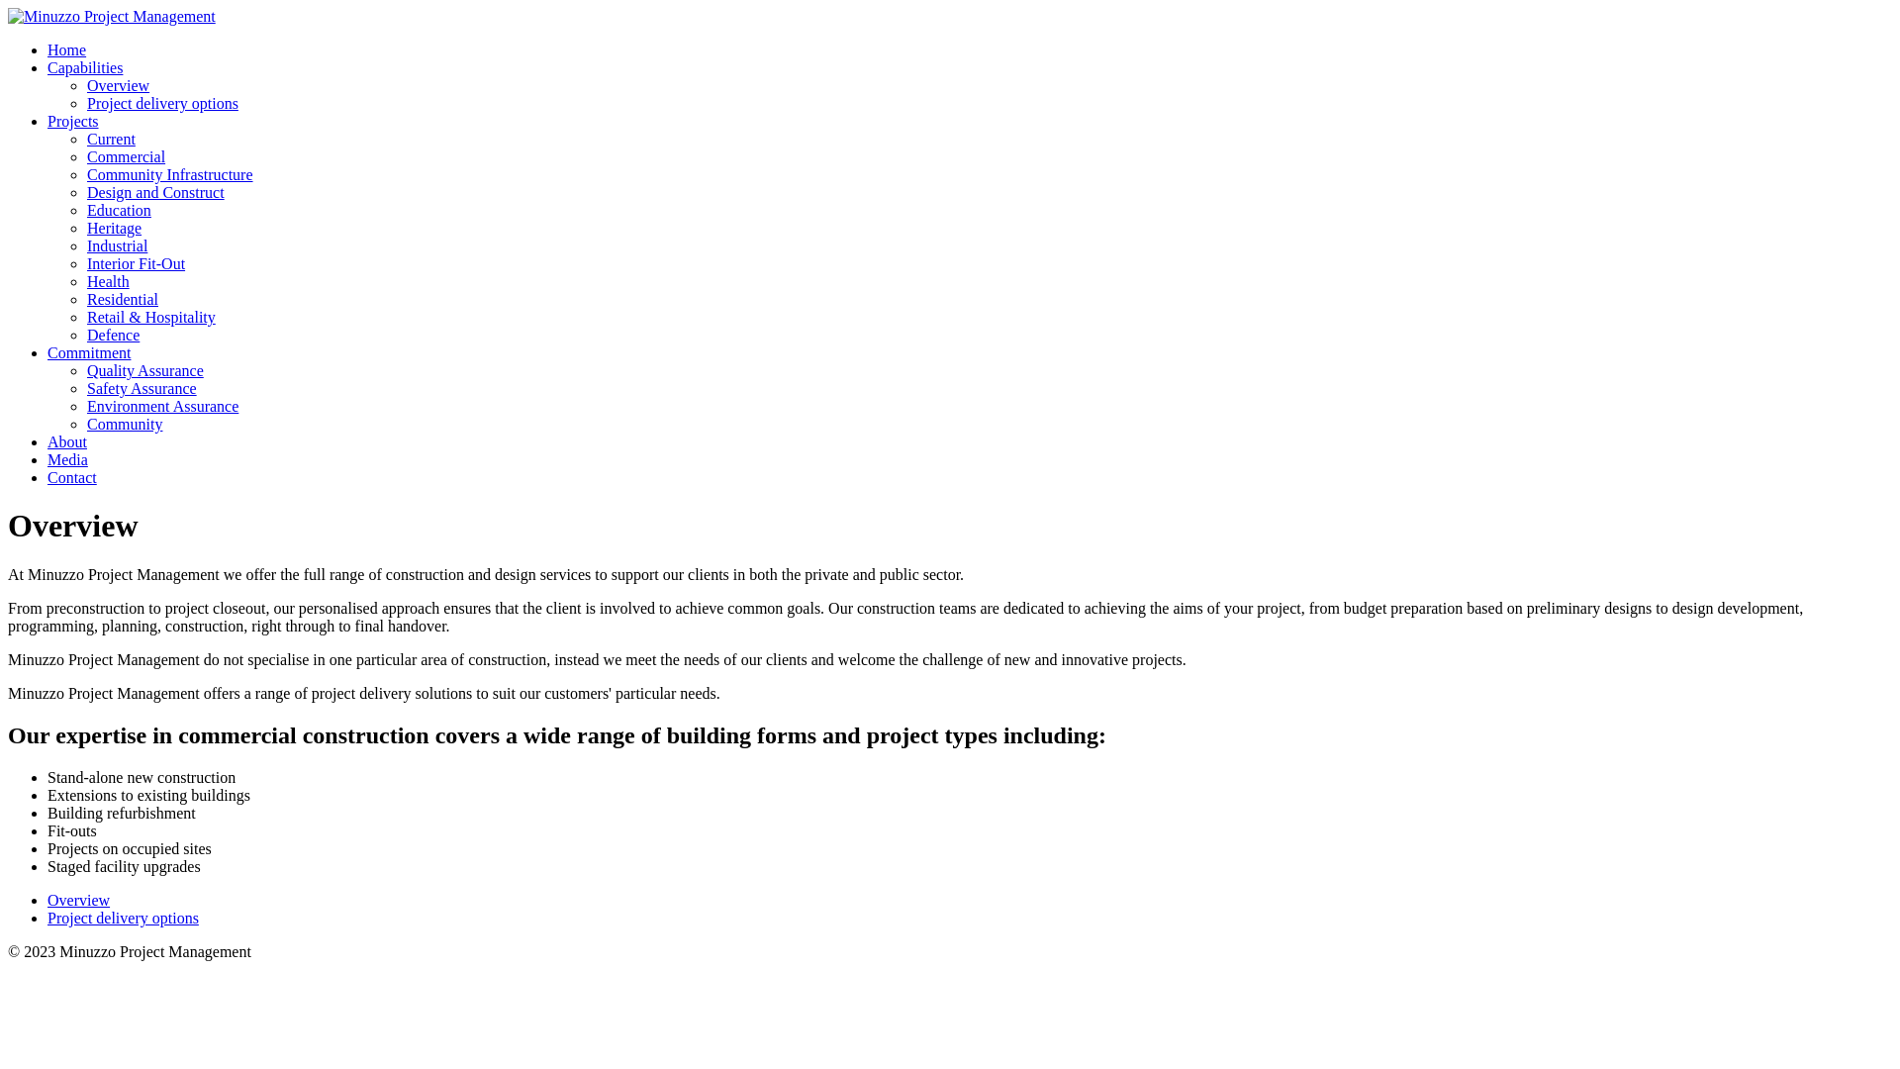  Describe the element at coordinates (85, 334) in the screenshot. I see `'Defence'` at that location.